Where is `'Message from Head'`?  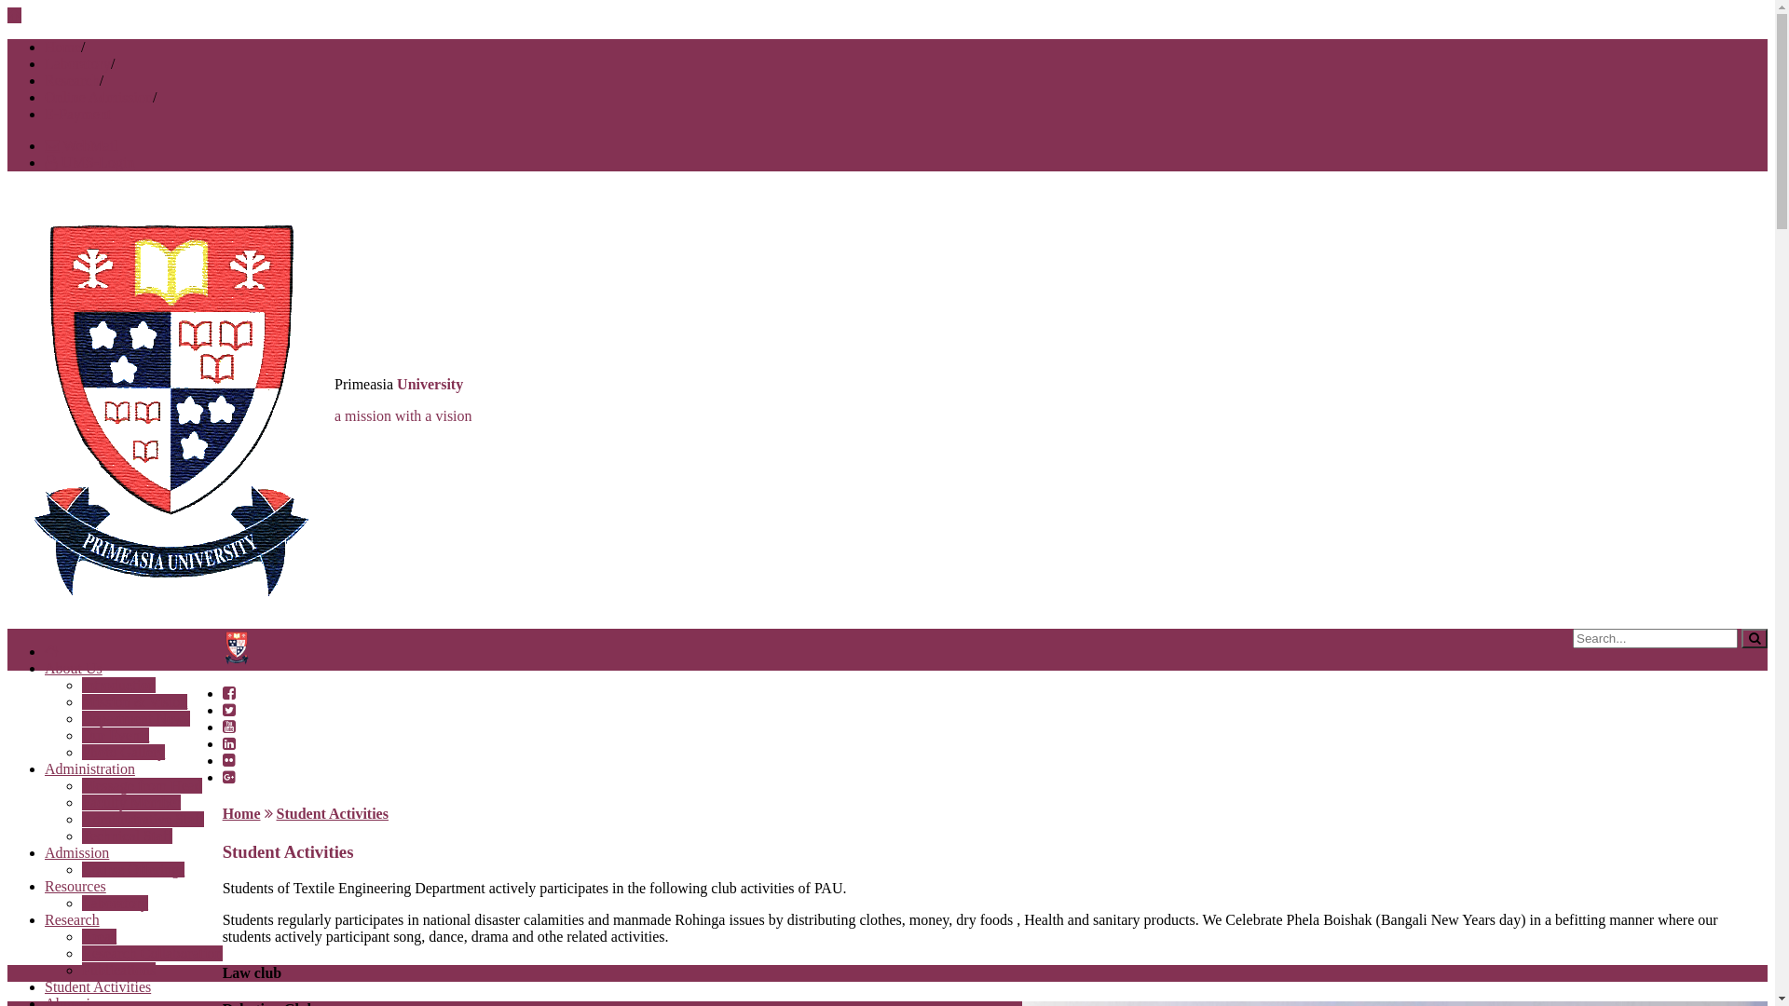 'Message from Head' is located at coordinates (141, 785).